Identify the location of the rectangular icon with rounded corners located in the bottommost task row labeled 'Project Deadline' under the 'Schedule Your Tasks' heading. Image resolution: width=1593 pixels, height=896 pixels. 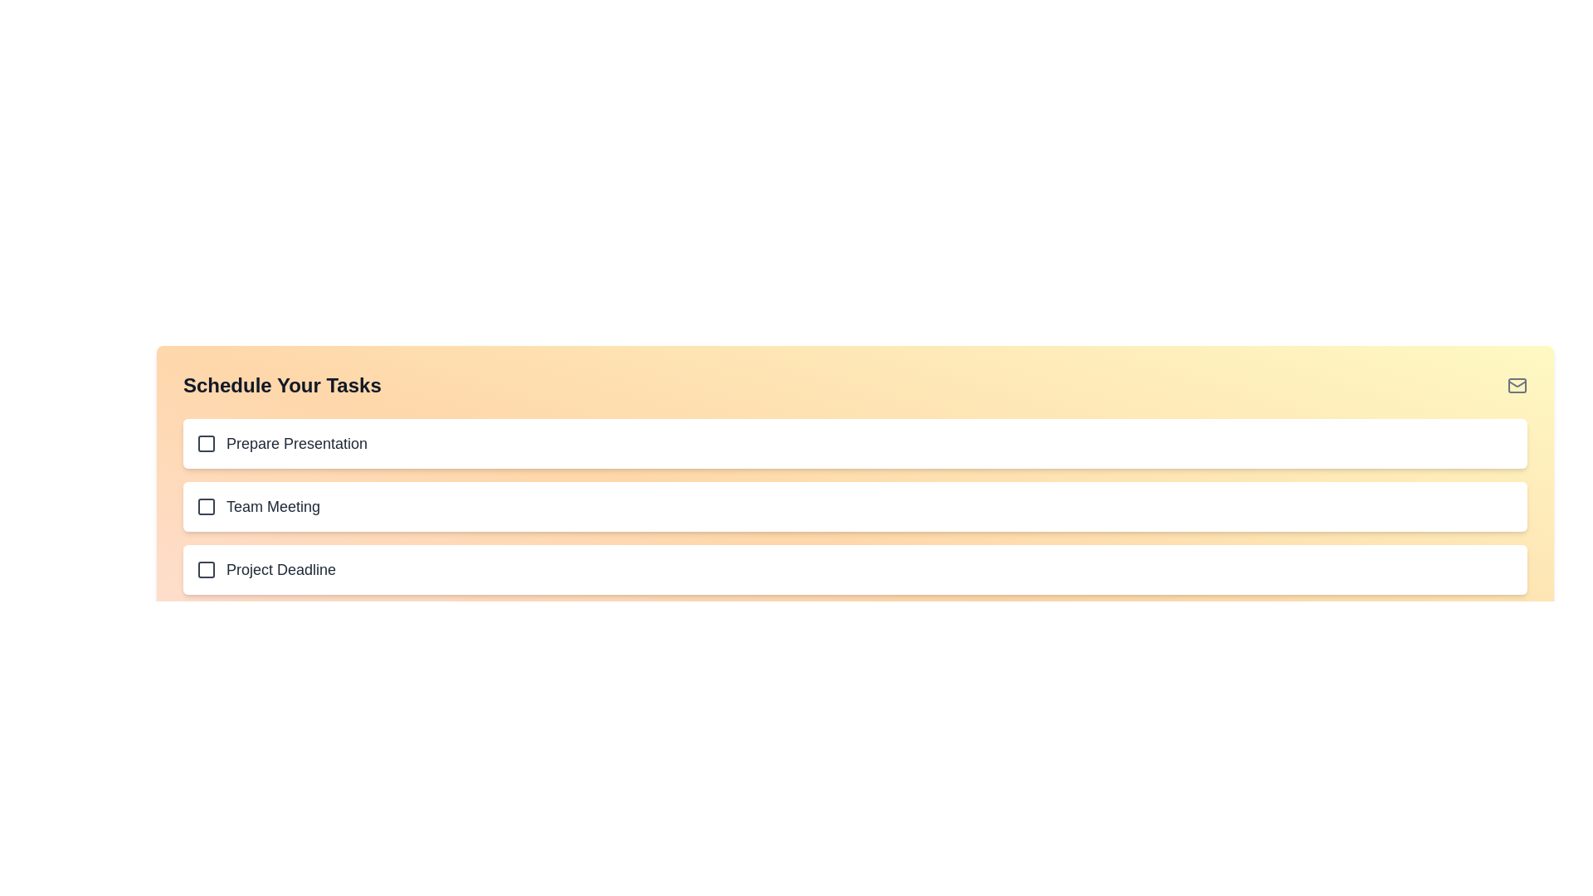
(206, 568).